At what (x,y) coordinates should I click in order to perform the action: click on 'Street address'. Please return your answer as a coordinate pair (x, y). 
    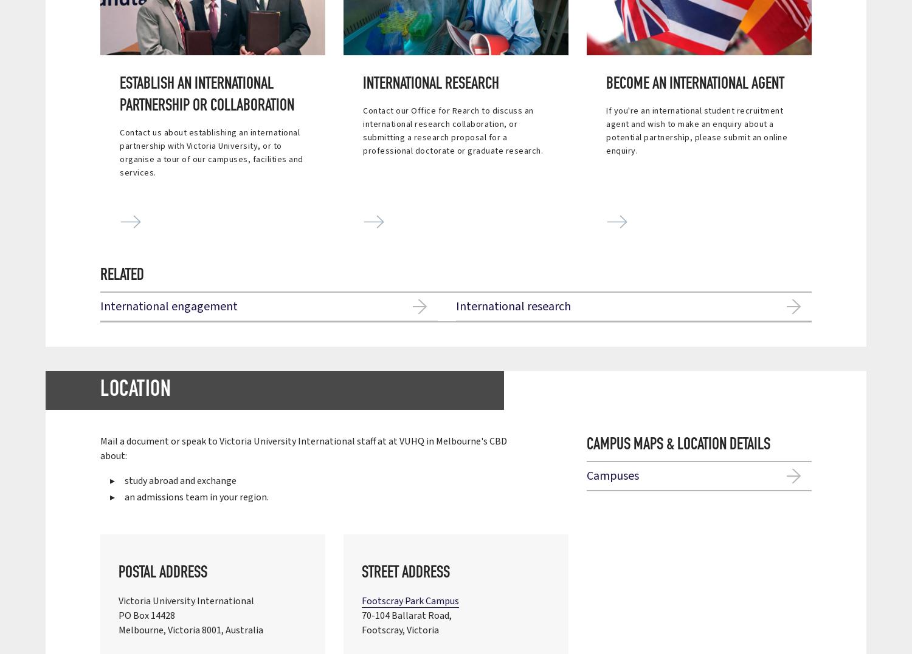
    Looking at the image, I should click on (406, 572).